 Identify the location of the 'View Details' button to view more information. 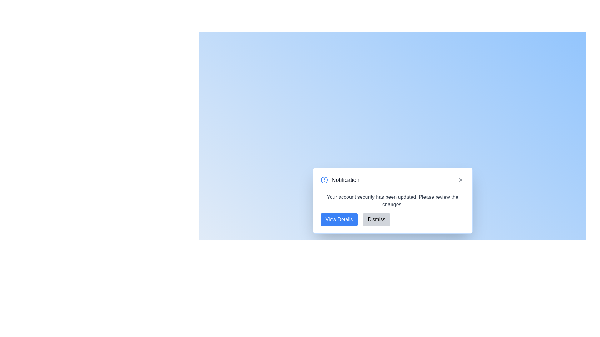
(339, 219).